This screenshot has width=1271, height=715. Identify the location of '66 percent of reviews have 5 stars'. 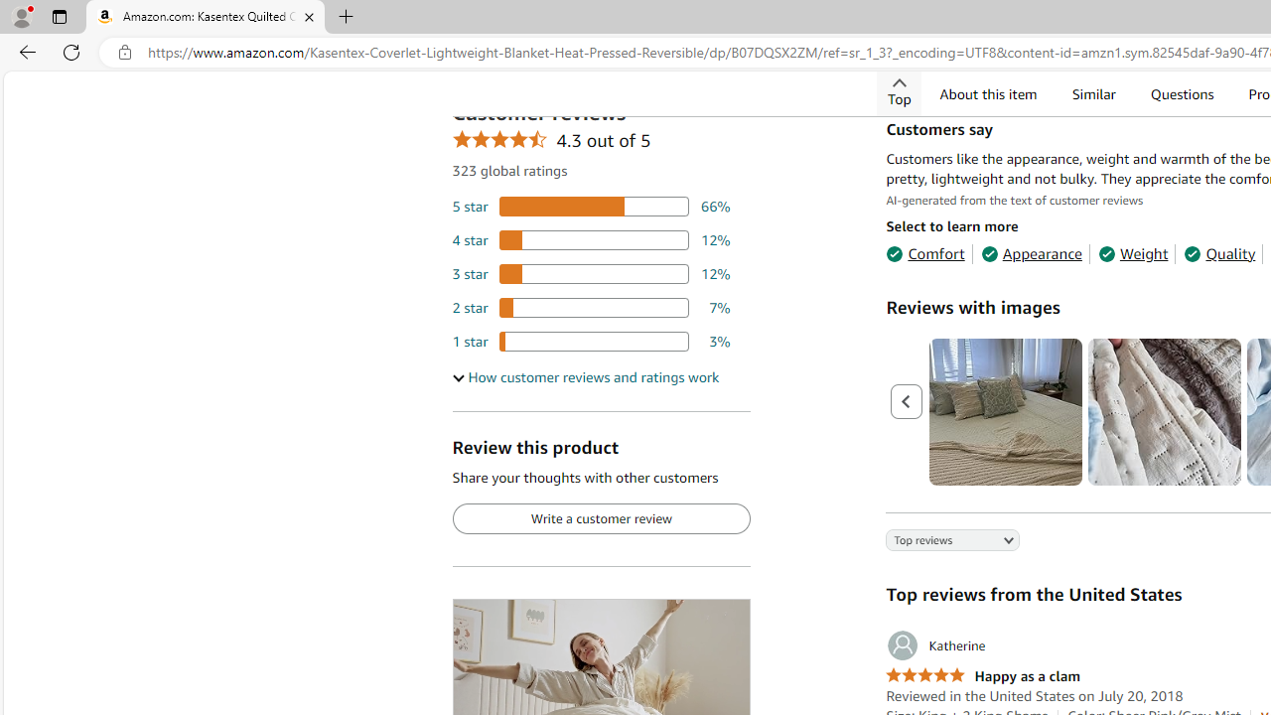
(590, 206).